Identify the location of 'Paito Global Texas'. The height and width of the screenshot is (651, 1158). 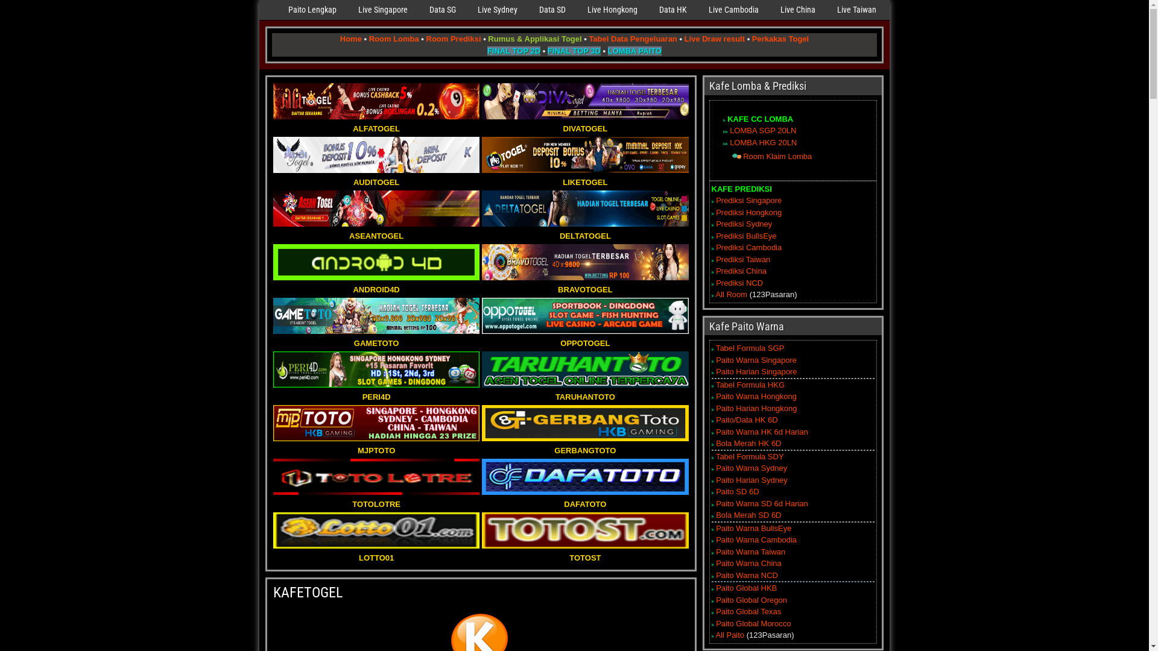
(748, 611).